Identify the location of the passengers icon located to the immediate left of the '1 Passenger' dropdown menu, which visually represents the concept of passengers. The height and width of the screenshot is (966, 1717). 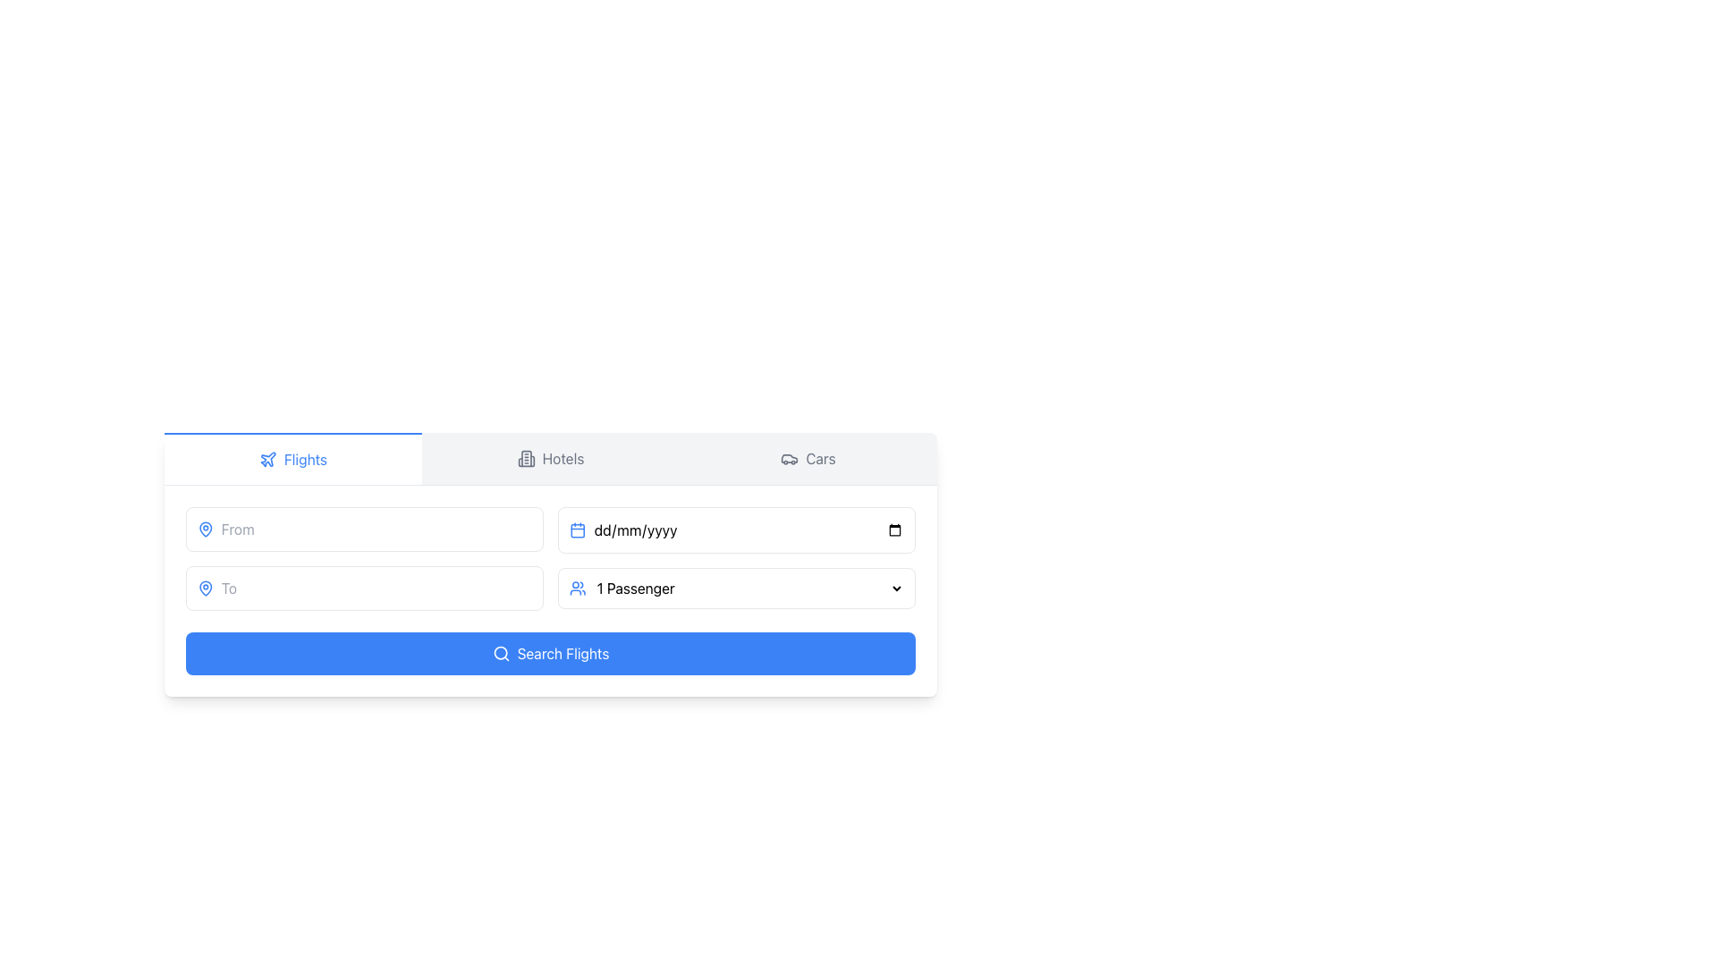
(578, 589).